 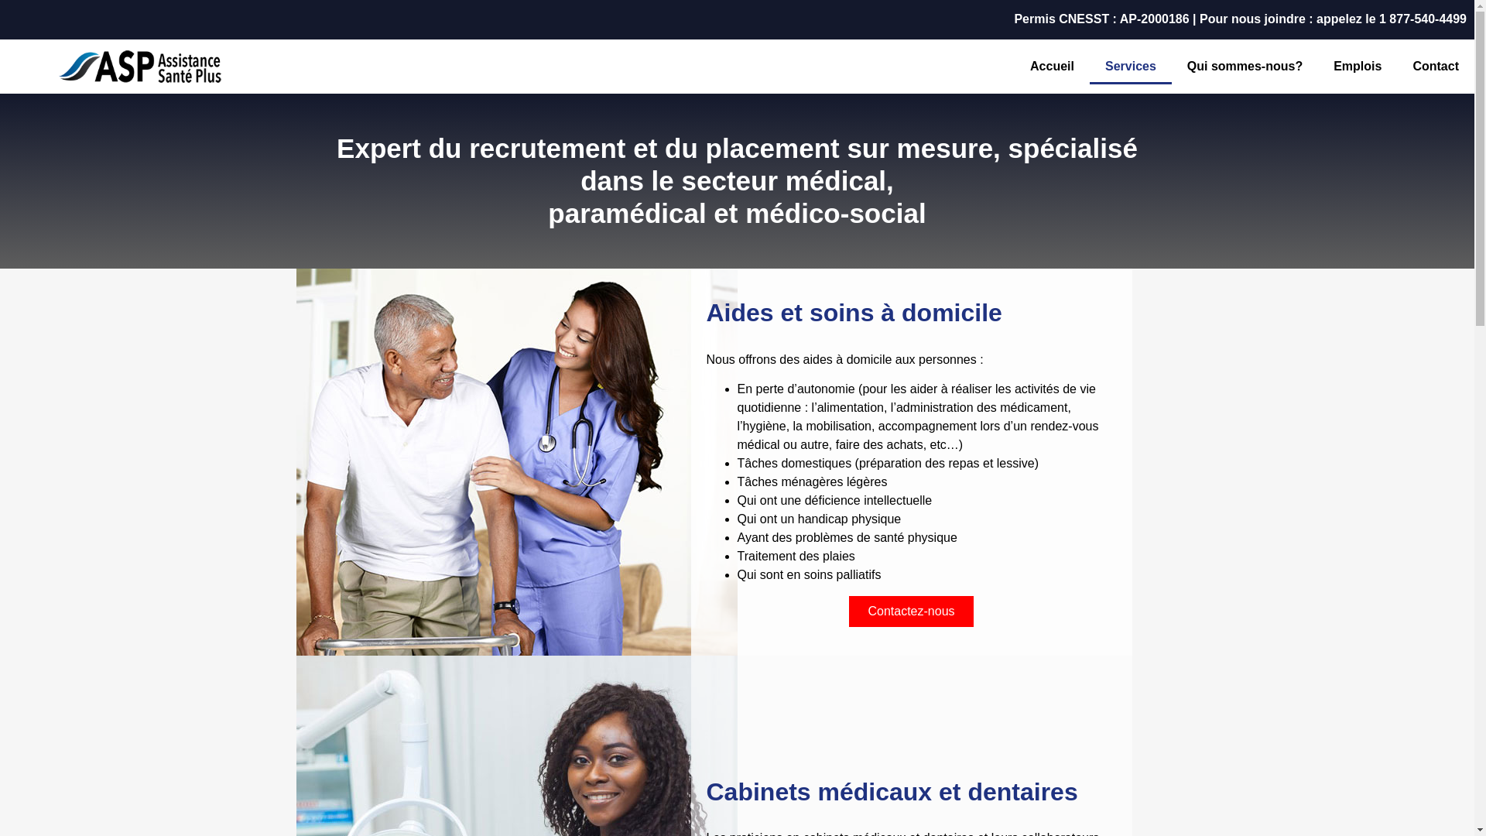 I want to click on 'Accueil', so click(x=1052, y=65).